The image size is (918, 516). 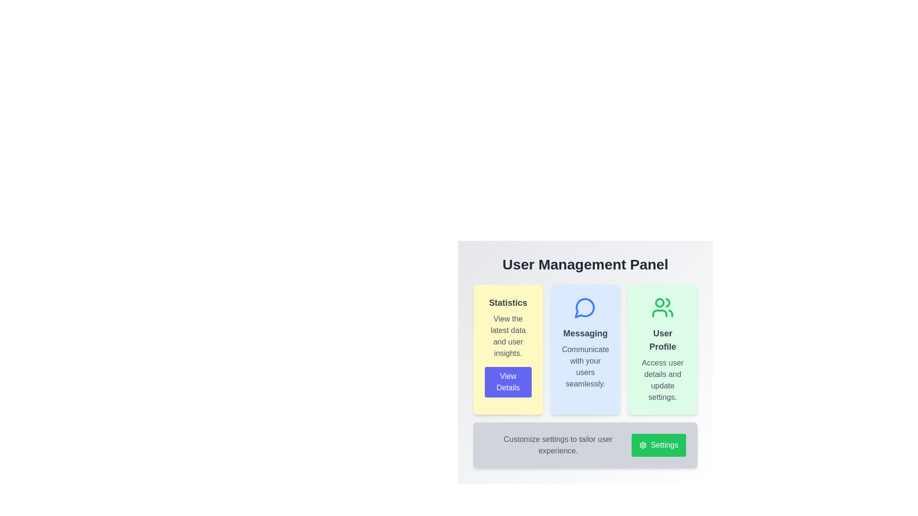 I want to click on the Circular SVG element that serves as a decorative detail in the user profile icon located in the third column of the top row of the UI grid, so click(x=659, y=302).